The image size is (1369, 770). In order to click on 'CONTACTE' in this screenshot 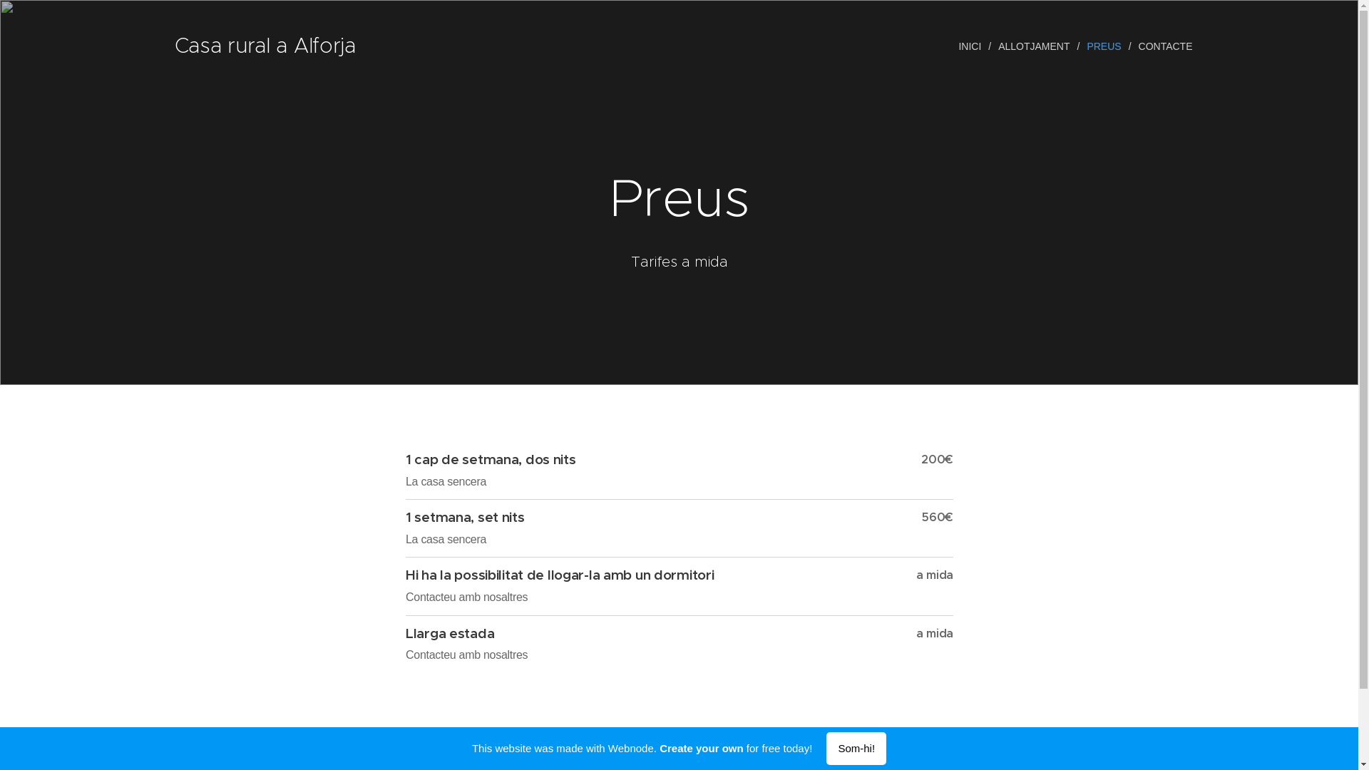, I will do `click(1131, 46)`.